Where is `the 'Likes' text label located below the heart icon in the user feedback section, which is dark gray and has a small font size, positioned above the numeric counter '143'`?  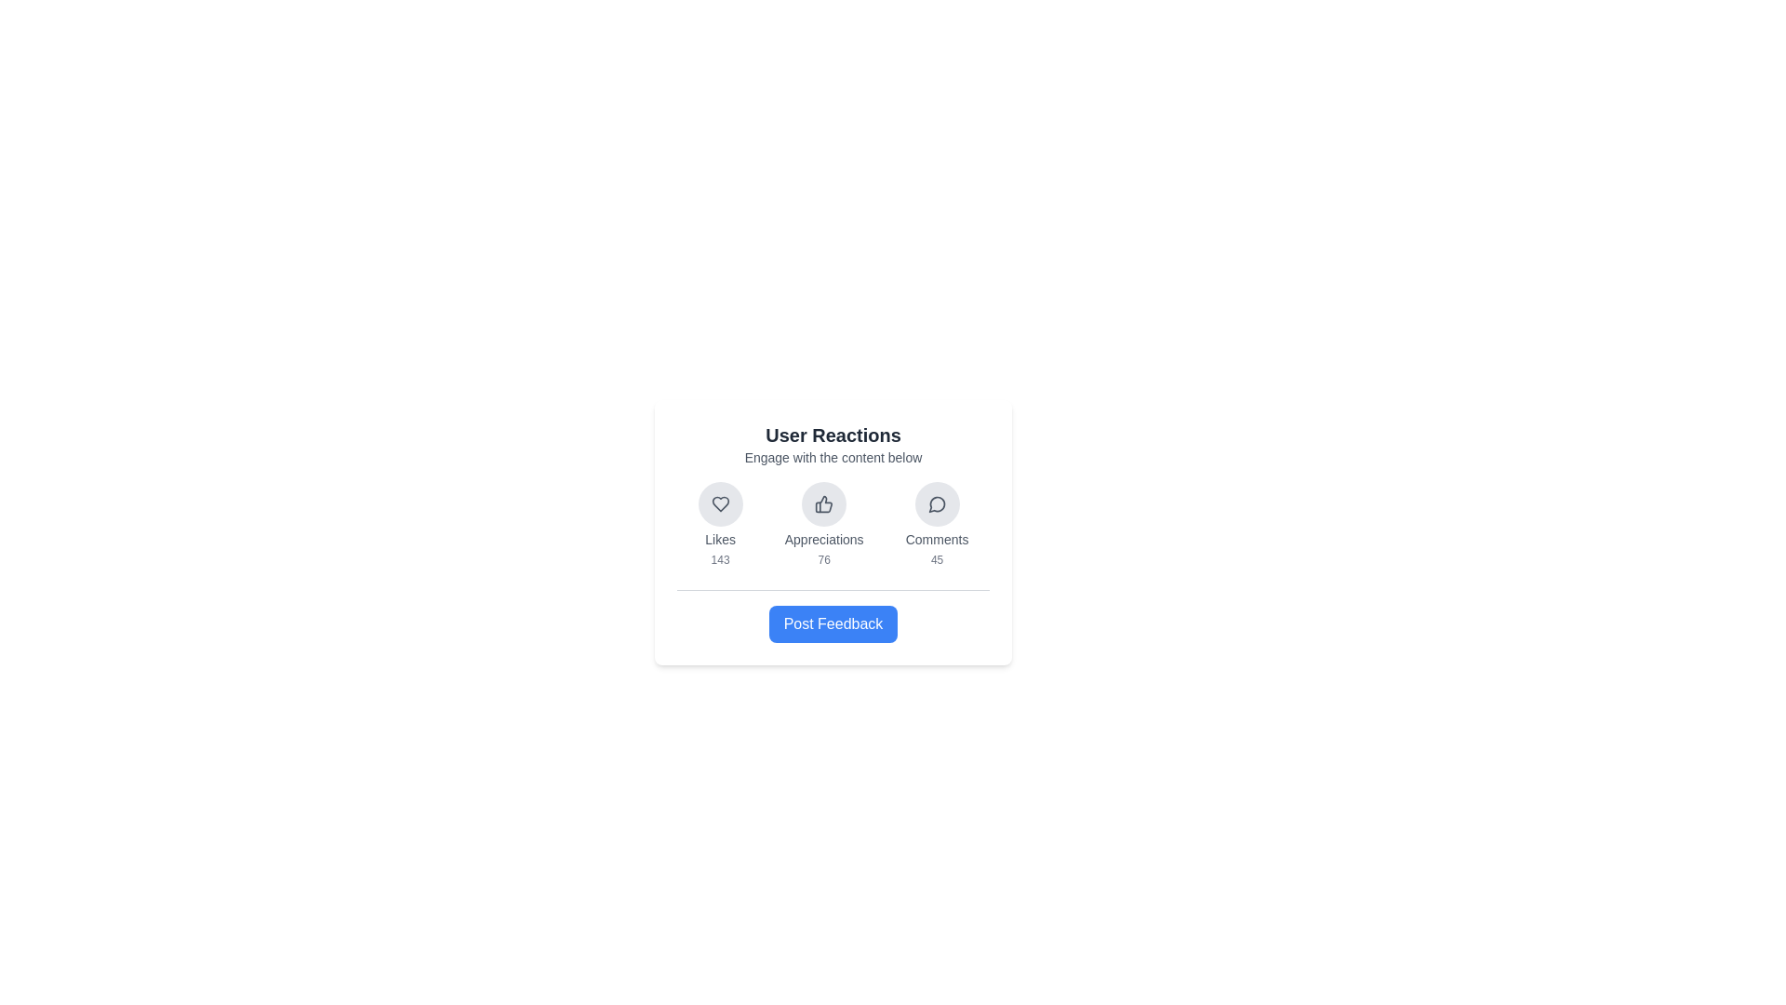 the 'Likes' text label located below the heart icon in the user feedback section, which is dark gray and has a small font size, positioned above the numeric counter '143' is located at coordinates (719, 539).